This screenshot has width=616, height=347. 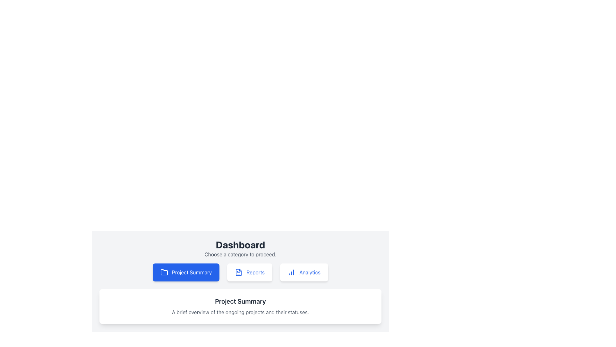 I want to click on header and description of the section titled 'Project Summary' located at the center of the Text Block below the buttons 'Project Summary,' 'Reports,' and 'Analytics.', so click(x=240, y=306).